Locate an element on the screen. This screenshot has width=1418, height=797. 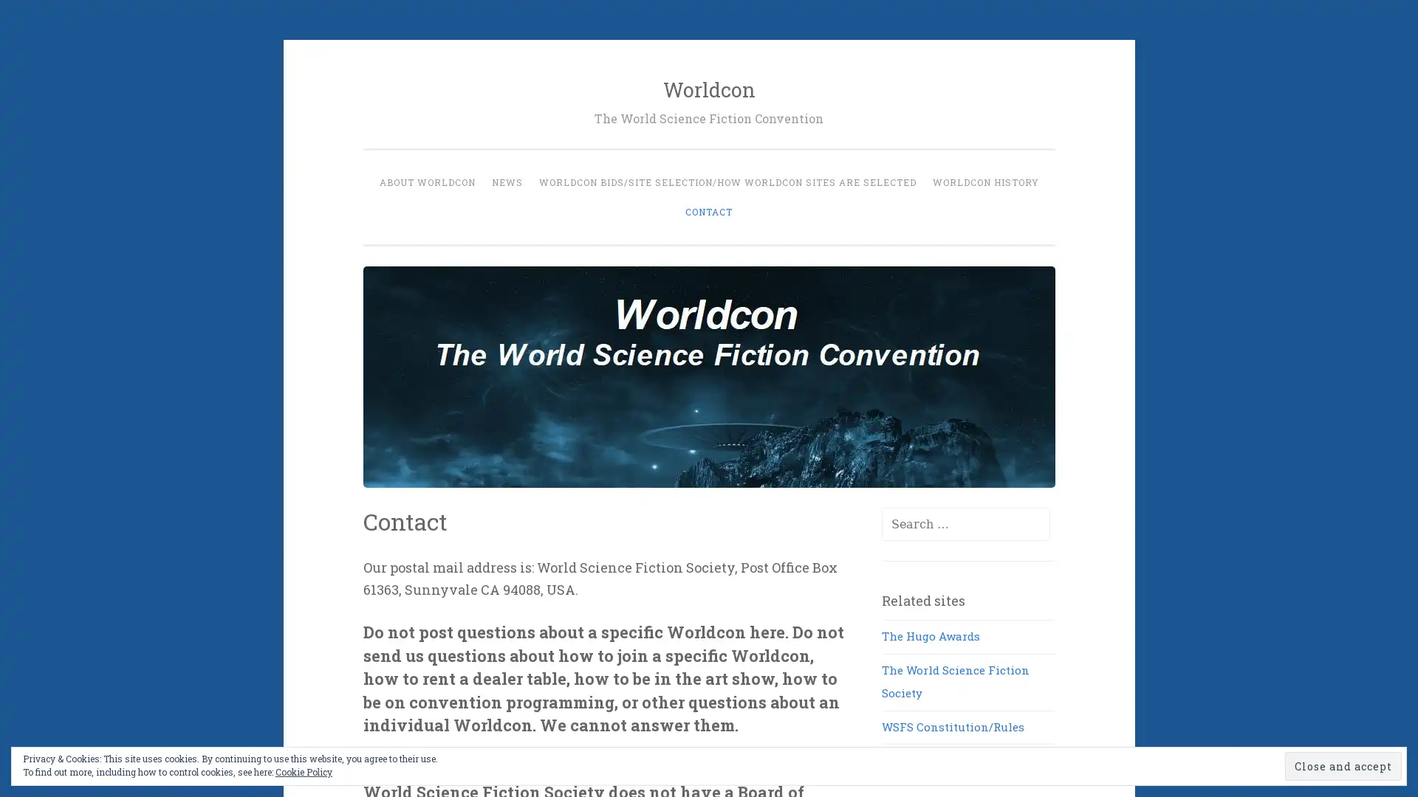
Close and accept is located at coordinates (1343, 765).